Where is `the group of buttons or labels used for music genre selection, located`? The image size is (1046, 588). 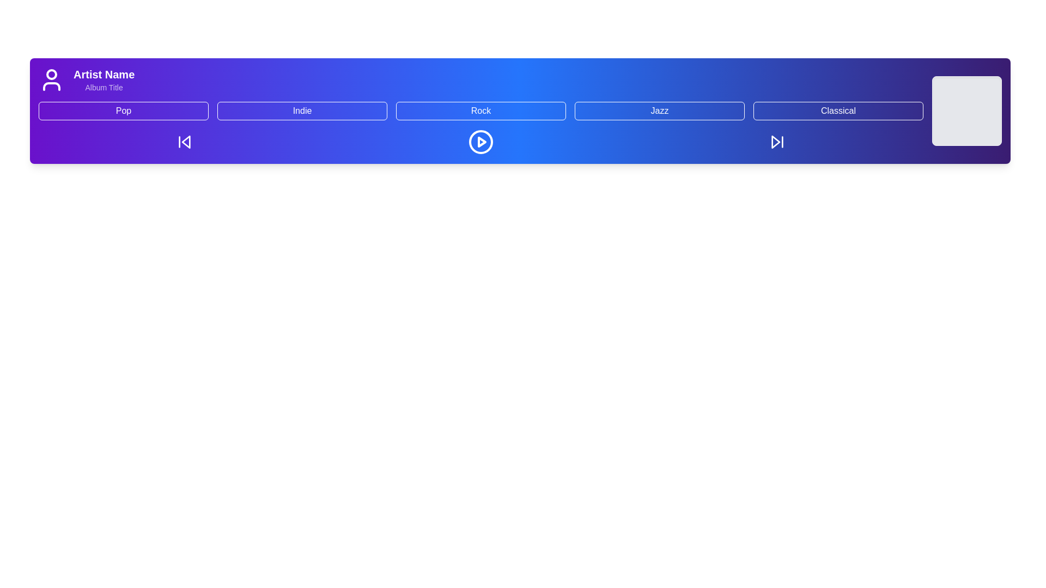
the group of buttons or labels used for music genre selection, located is located at coordinates (481, 111).